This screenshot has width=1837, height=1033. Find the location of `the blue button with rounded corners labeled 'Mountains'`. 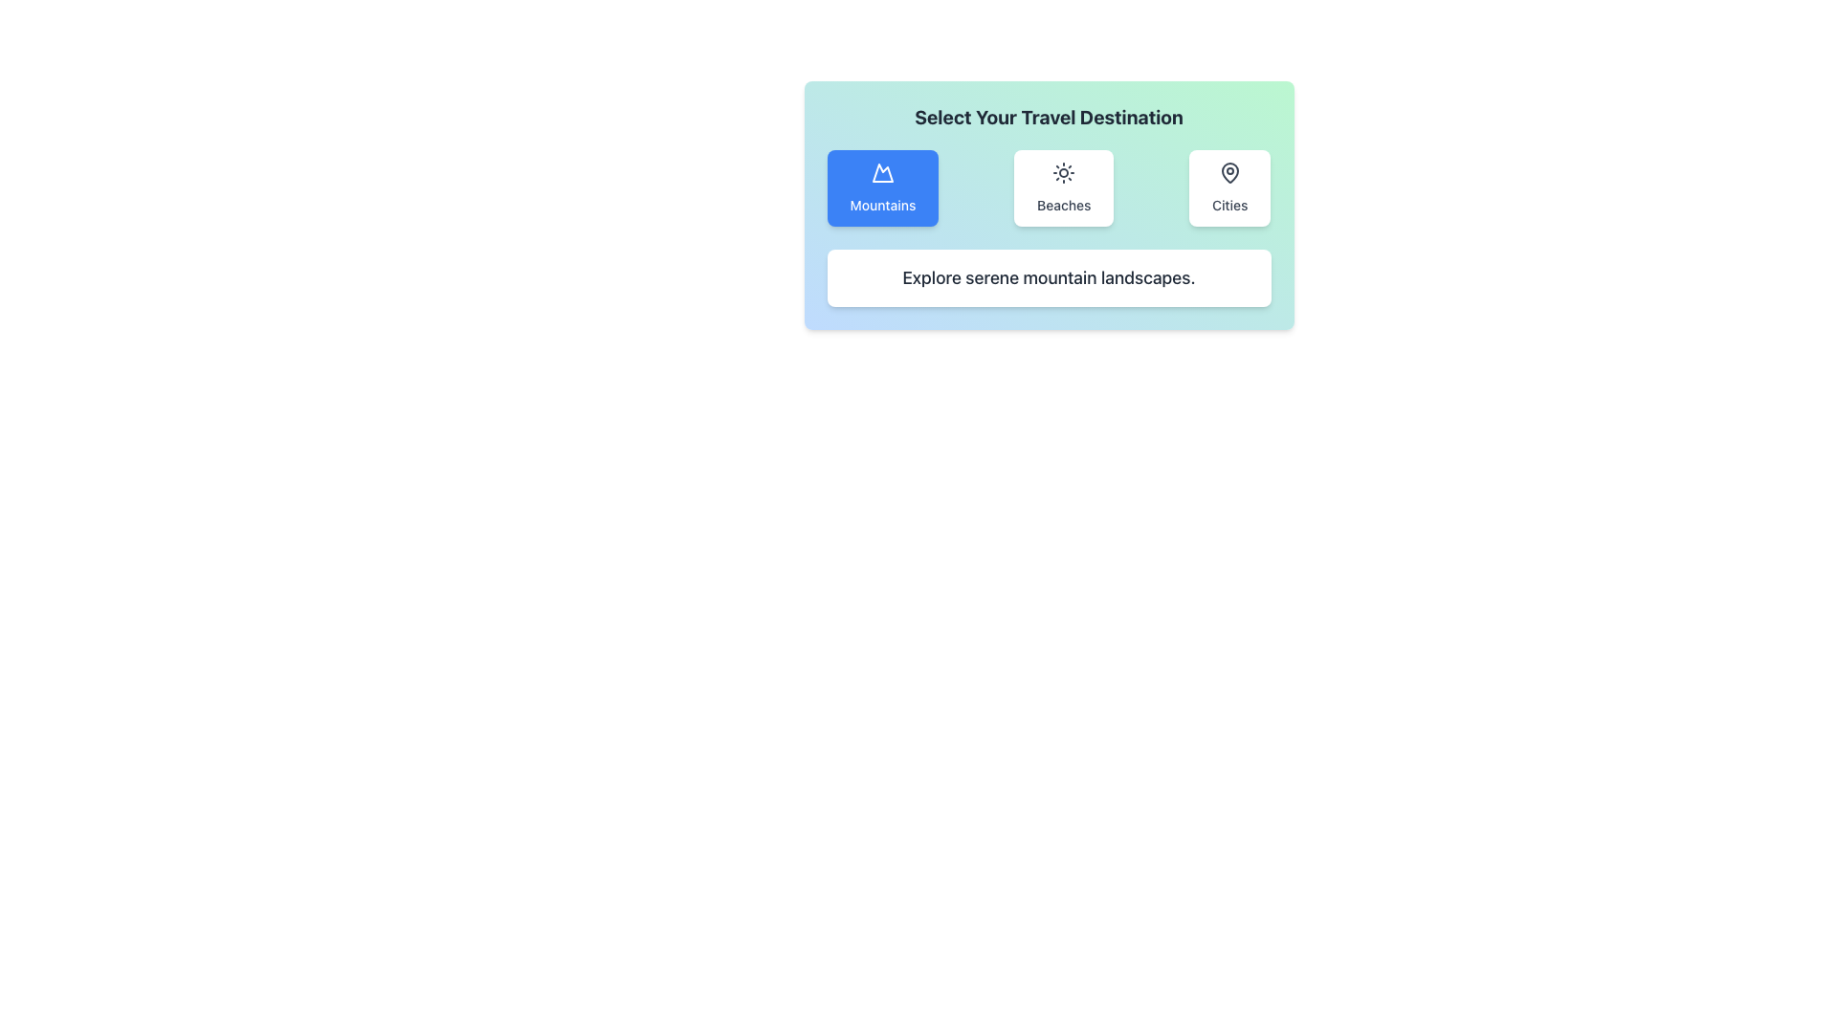

the blue button with rounded corners labeled 'Mountains' is located at coordinates (881, 187).